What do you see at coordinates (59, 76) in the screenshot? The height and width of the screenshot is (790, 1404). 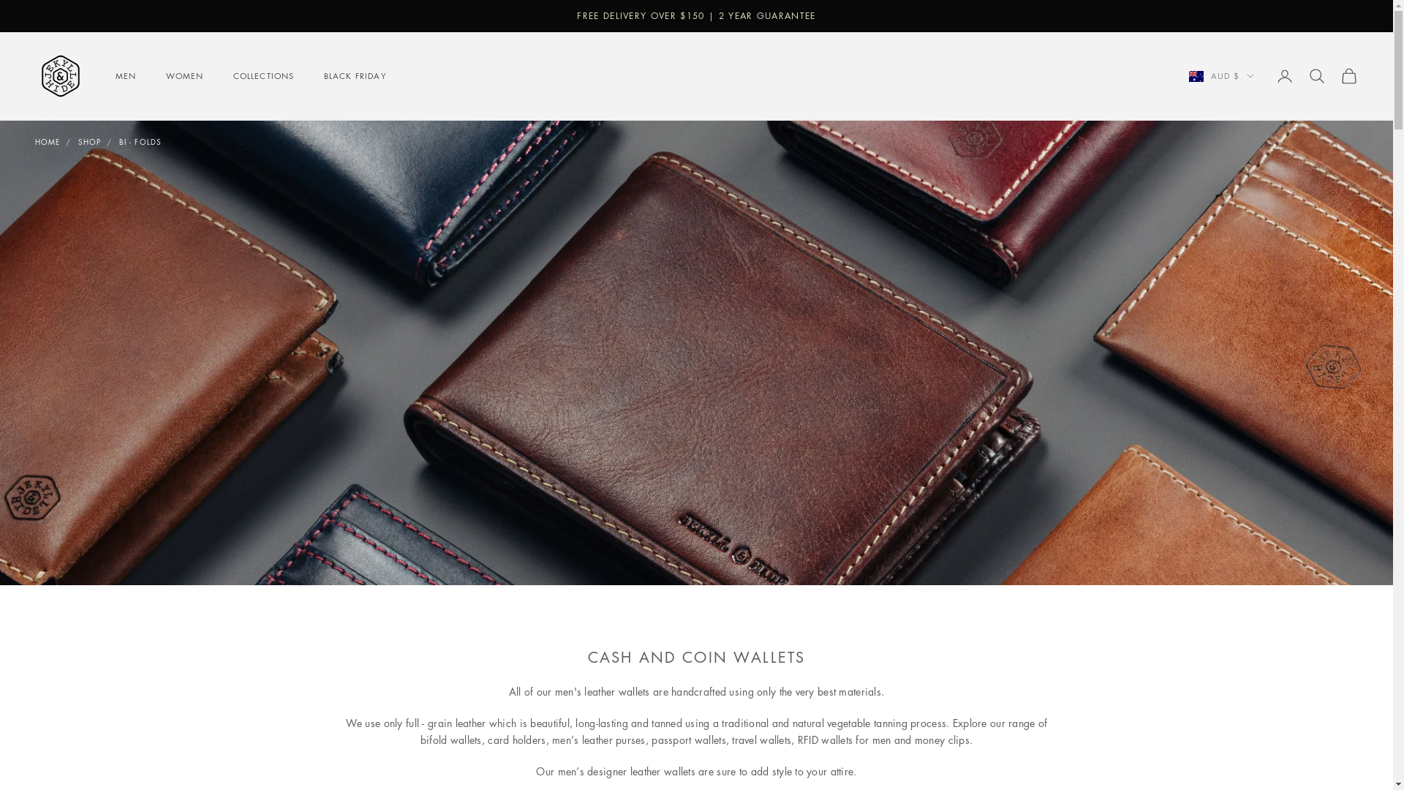 I see `'Jekyll and Hide Australia'` at bounding box center [59, 76].